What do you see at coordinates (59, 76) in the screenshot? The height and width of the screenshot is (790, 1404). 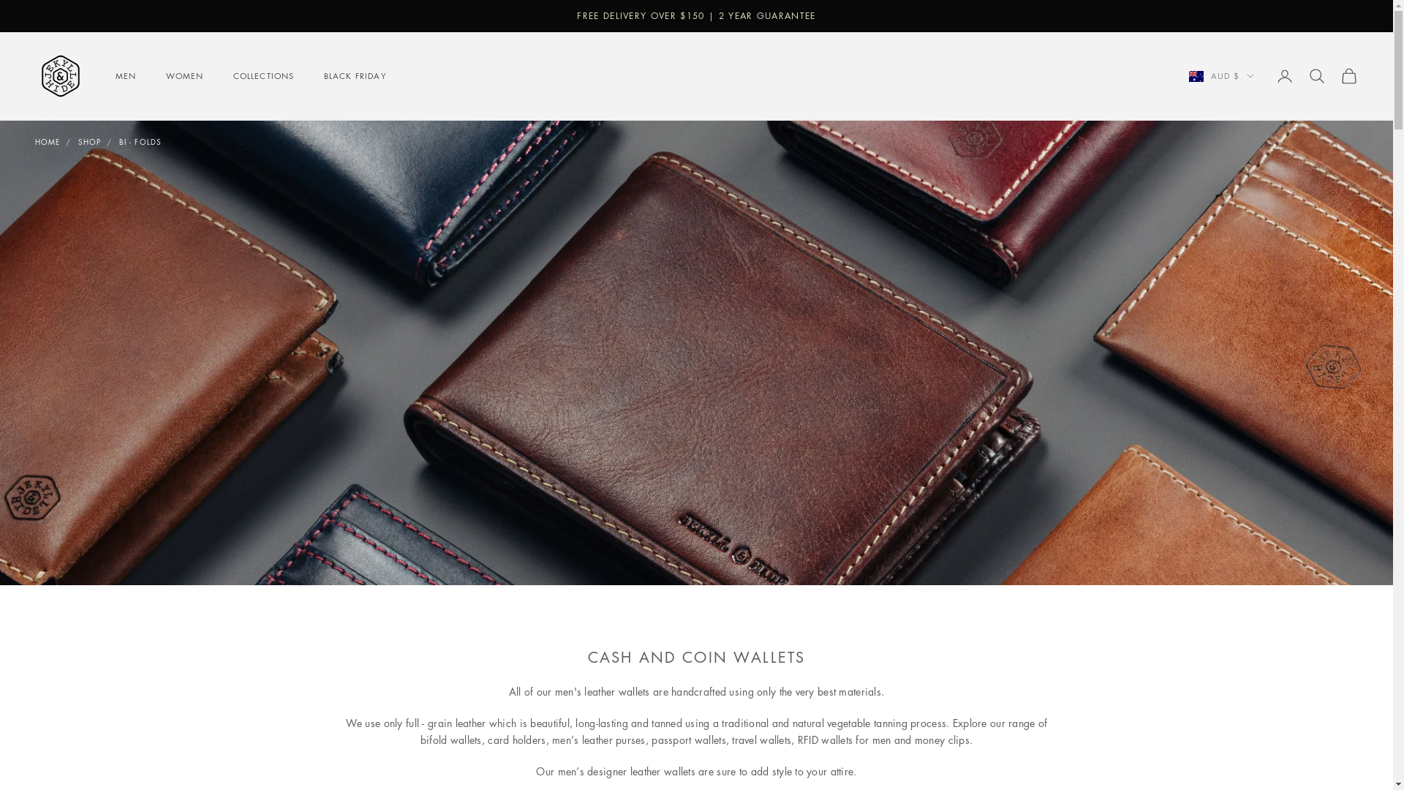 I see `'Jekyll and Hide Australia'` at bounding box center [59, 76].